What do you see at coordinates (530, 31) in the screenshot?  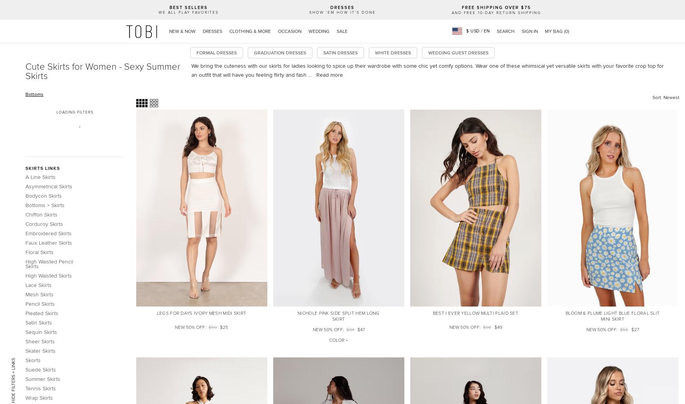 I see `'Sign In'` at bounding box center [530, 31].